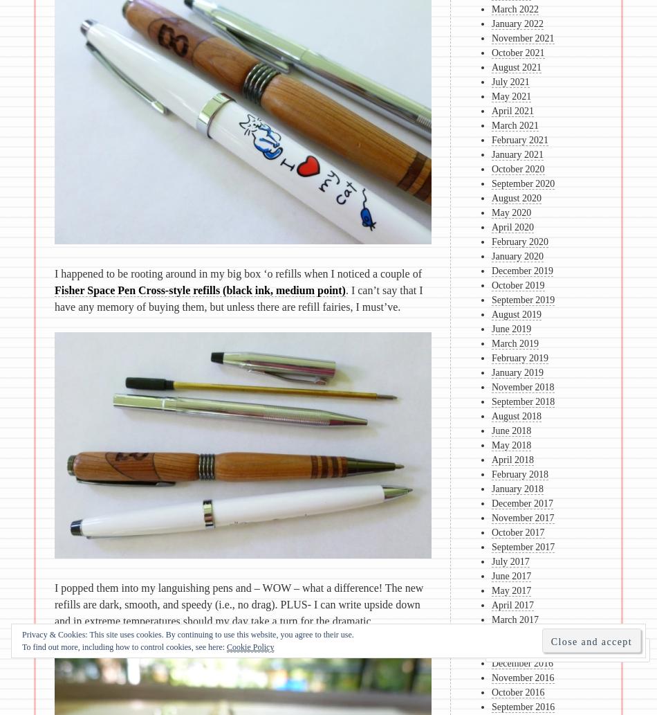 This screenshot has height=715, width=657. Describe the element at coordinates (491, 168) in the screenshot. I see `'October 2020'` at that location.